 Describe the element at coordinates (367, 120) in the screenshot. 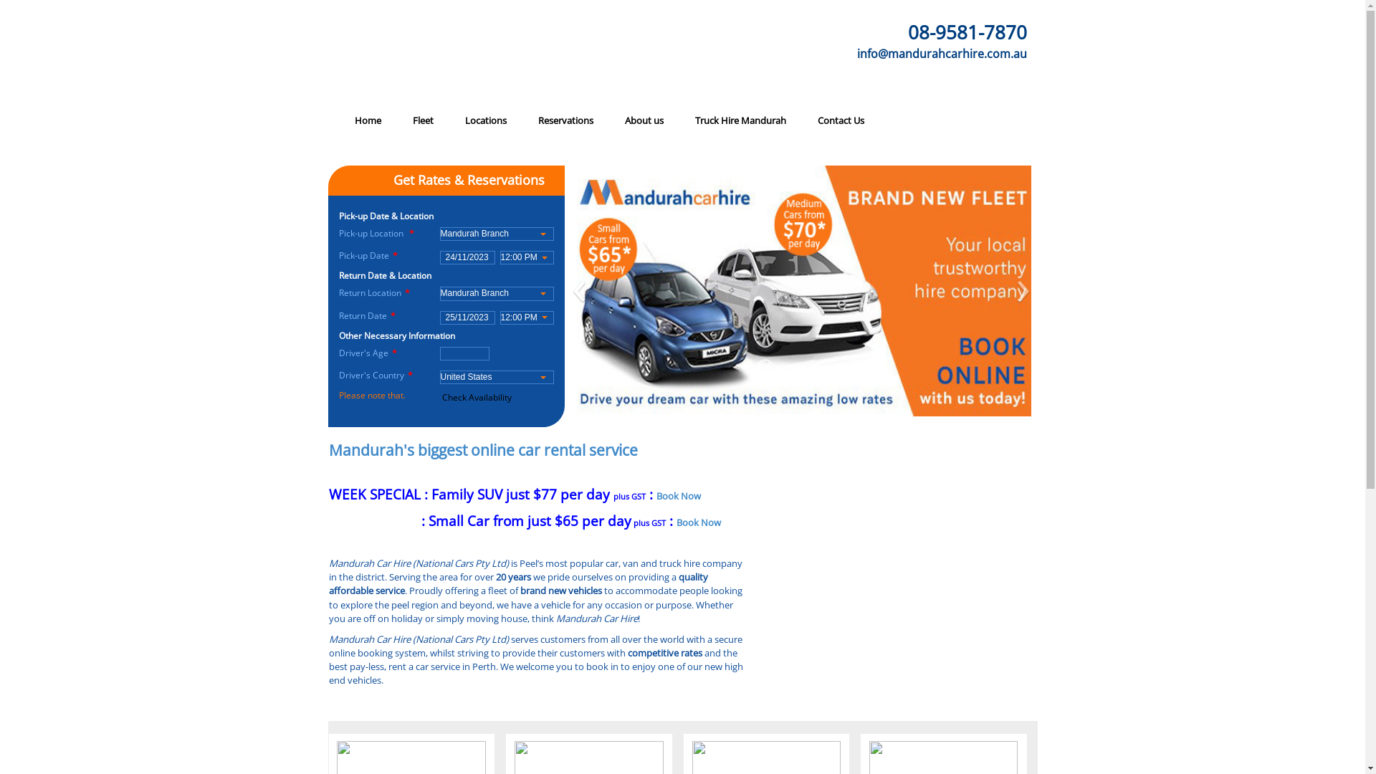

I see `'Home'` at that location.